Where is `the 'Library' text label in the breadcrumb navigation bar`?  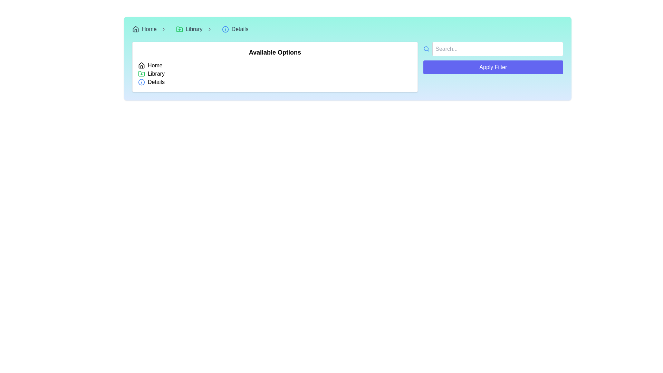
the 'Library' text label in the breadcrumb navigation bar is located at coordinates (193, 29).